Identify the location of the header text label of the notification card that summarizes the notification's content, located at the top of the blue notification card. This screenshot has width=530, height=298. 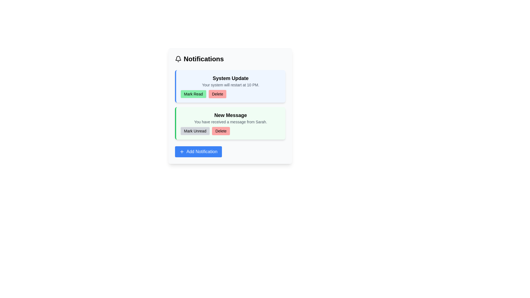
(230, 78).